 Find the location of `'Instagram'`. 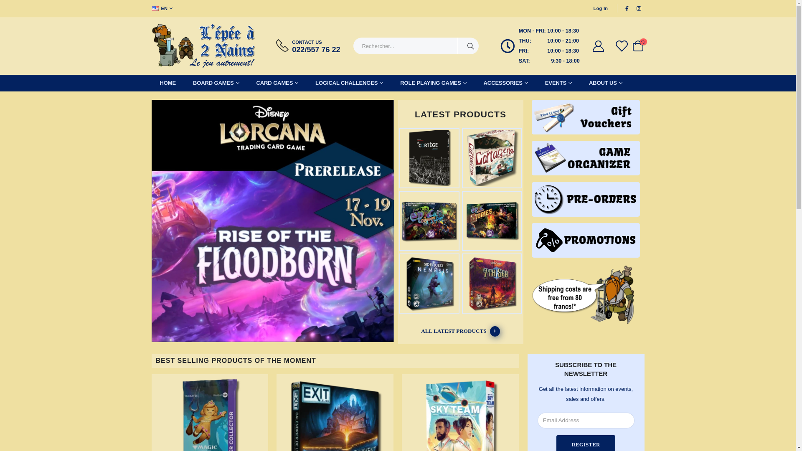

'Instagram' is located at coordinates (639, 8).